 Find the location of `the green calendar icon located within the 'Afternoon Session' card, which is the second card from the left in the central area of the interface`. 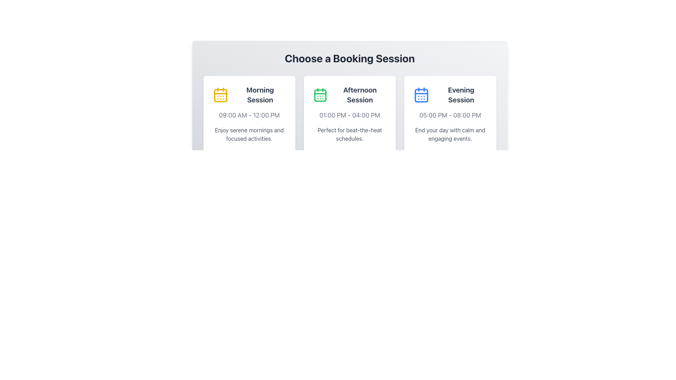

the green calendar icon located within the 'Afternoon Session' card, which is the second card from the left in the central area of the interface is located at coordinates (320, 95).